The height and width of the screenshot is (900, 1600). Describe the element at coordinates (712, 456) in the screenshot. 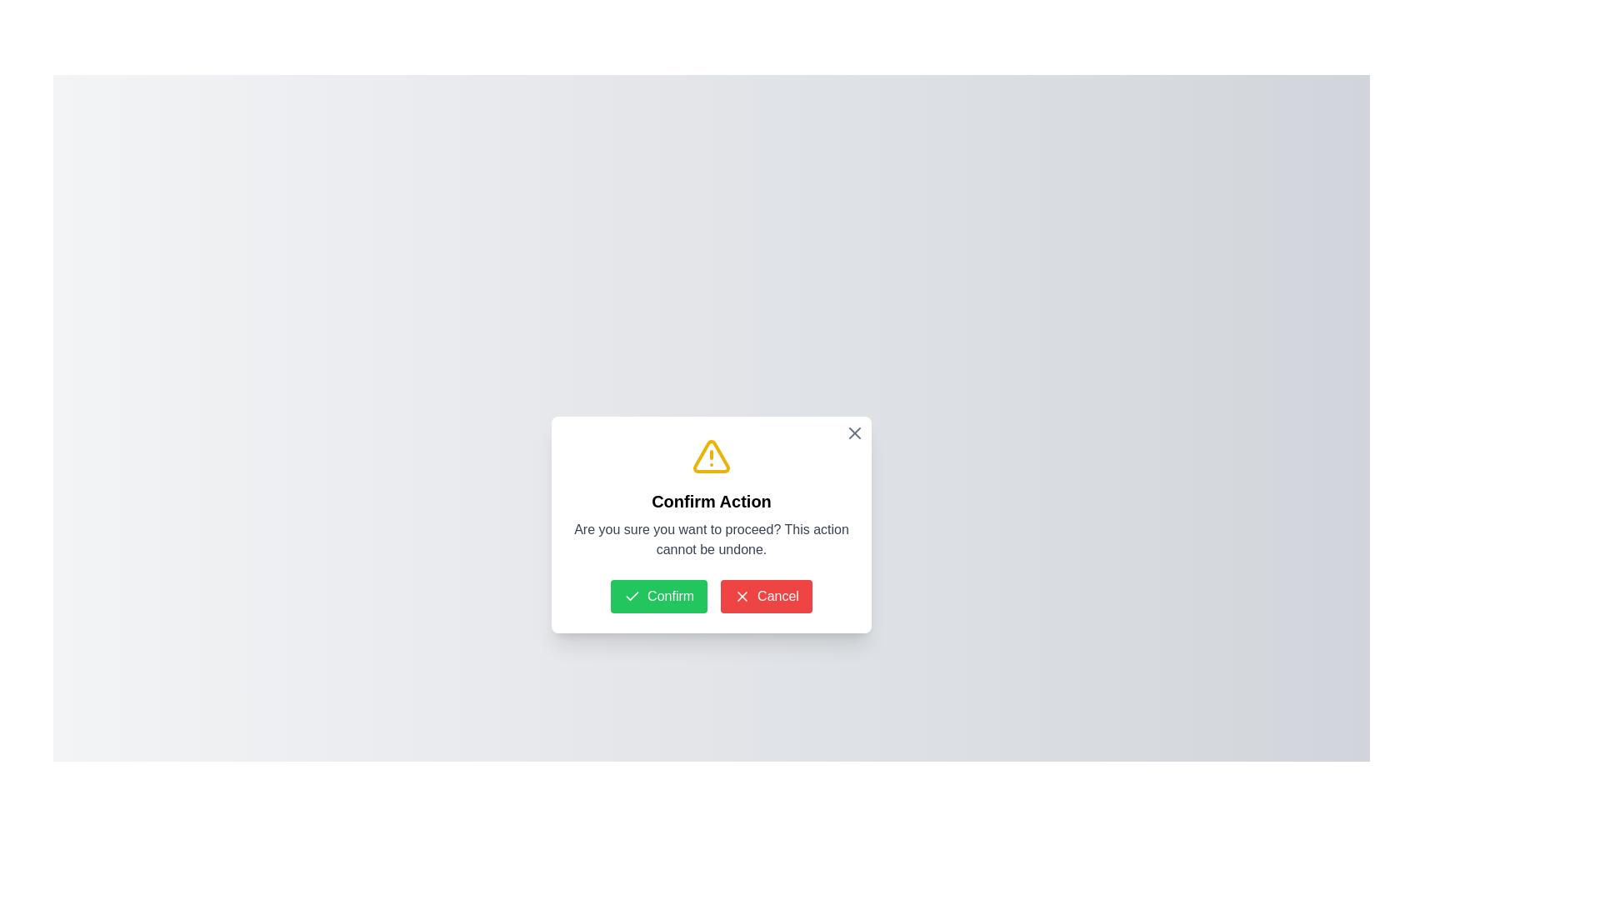

I see `the triangle warning symbol icon that is centrally aligned above the 'Confirm Action' header in the confirmation dialog` at that location.